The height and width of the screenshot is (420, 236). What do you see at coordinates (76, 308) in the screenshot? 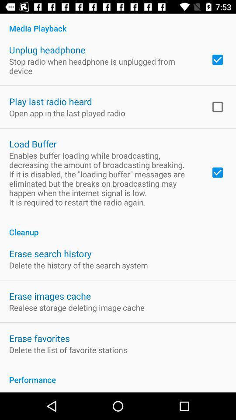
I see `the realese storage deleting item` at bounding box center [76, 308].